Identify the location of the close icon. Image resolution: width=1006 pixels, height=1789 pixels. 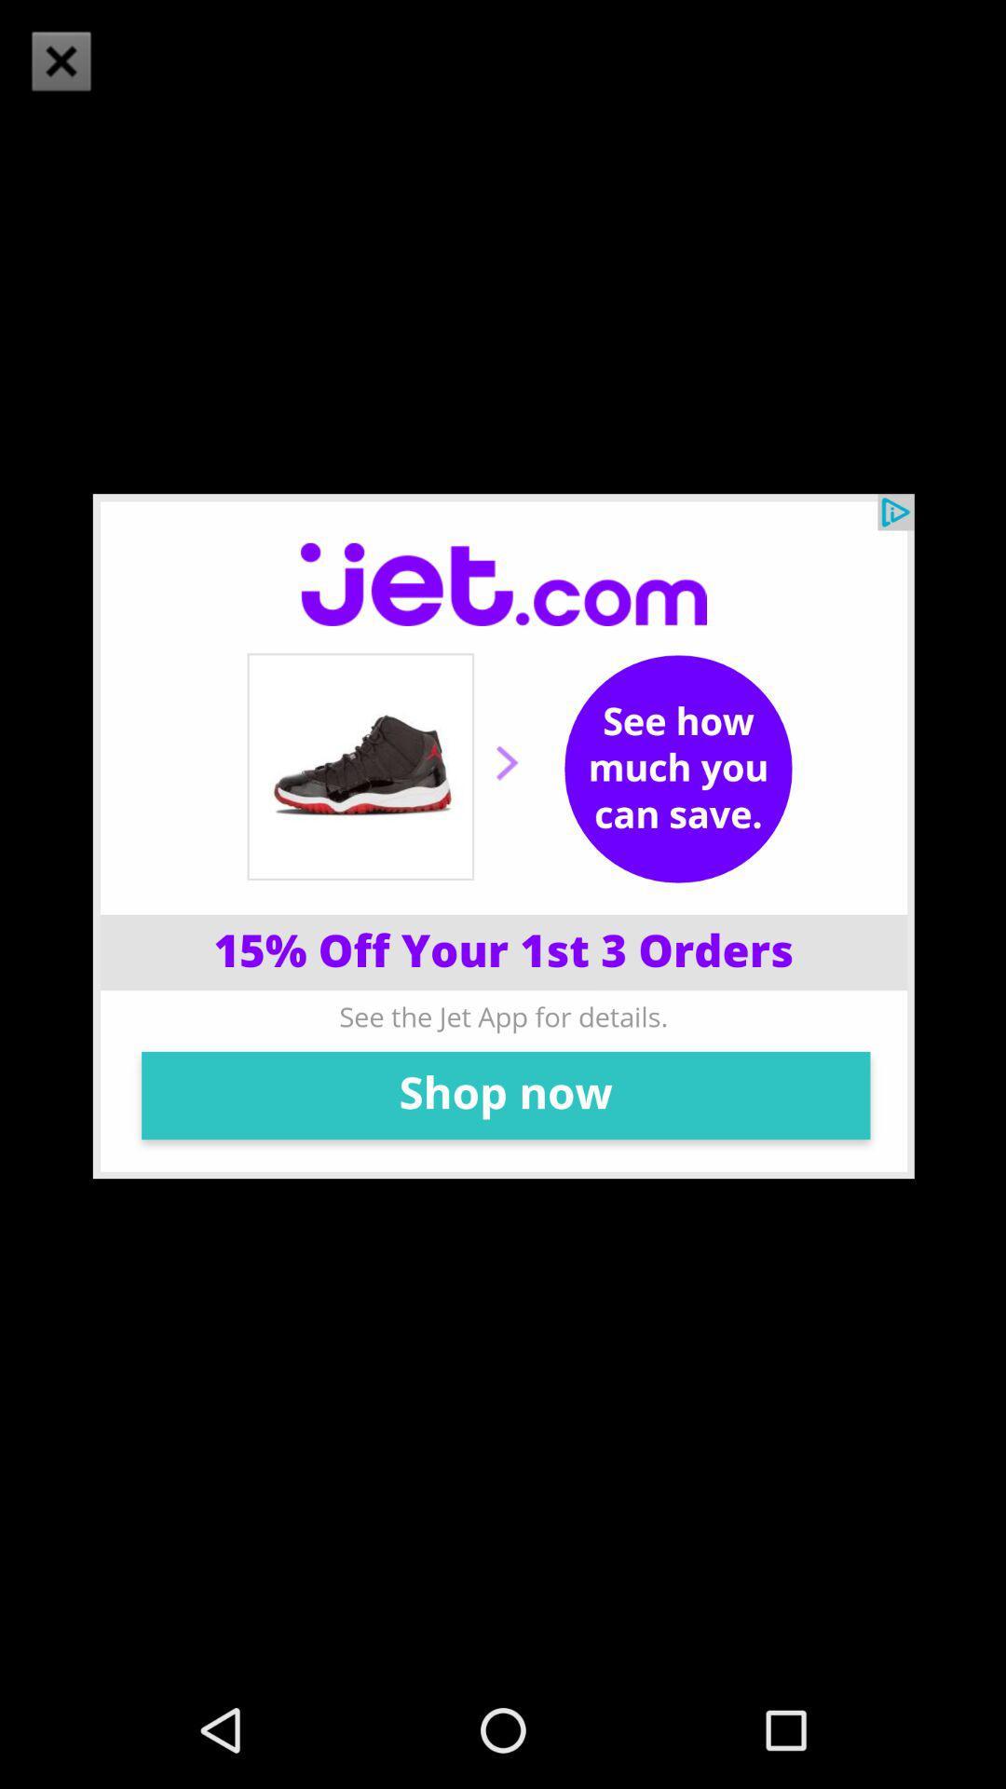
(60, 65).